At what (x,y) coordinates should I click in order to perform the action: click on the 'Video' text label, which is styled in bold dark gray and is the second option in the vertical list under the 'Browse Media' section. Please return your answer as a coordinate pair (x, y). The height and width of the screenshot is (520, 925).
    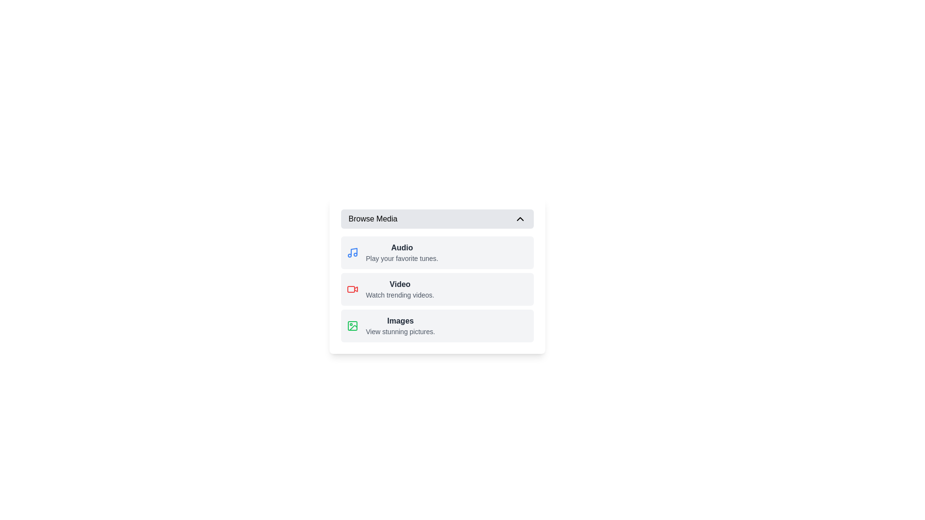
    Looking at the image, I should click on (400, 284).